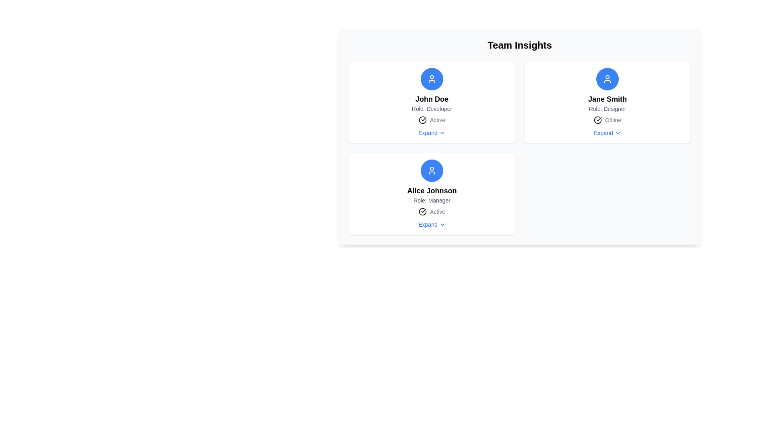 This screenshot has width=773, height=434. Describe the element at coordinates (431, 98) in the screenshot. I see `the text label displaying 'John Doe', which is styled in bold and positioned centrally under a blue circular icon` at that location.